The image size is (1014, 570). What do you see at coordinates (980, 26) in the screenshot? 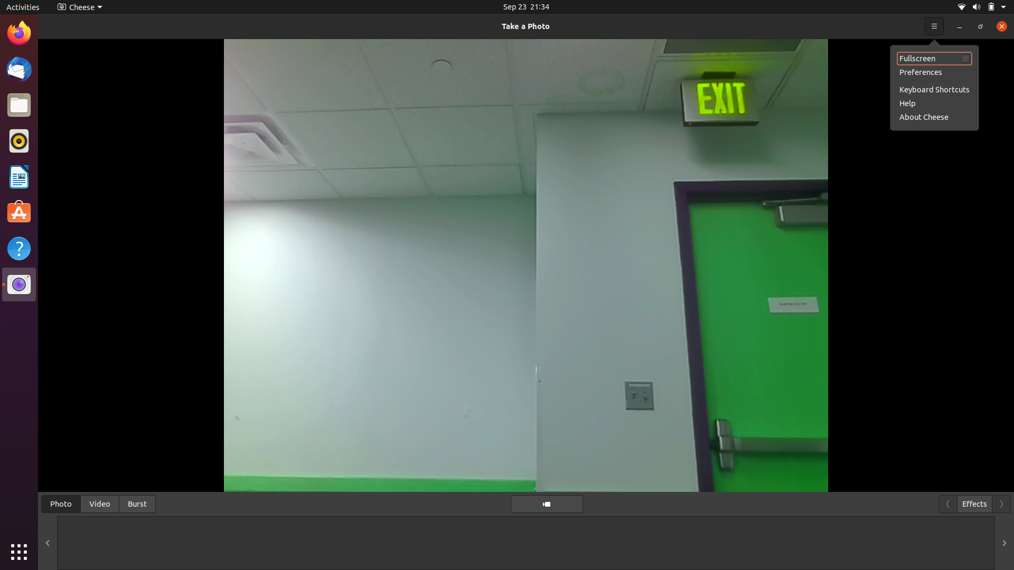
I see `Expand the display to full screen` at bounding box center [980, 26].